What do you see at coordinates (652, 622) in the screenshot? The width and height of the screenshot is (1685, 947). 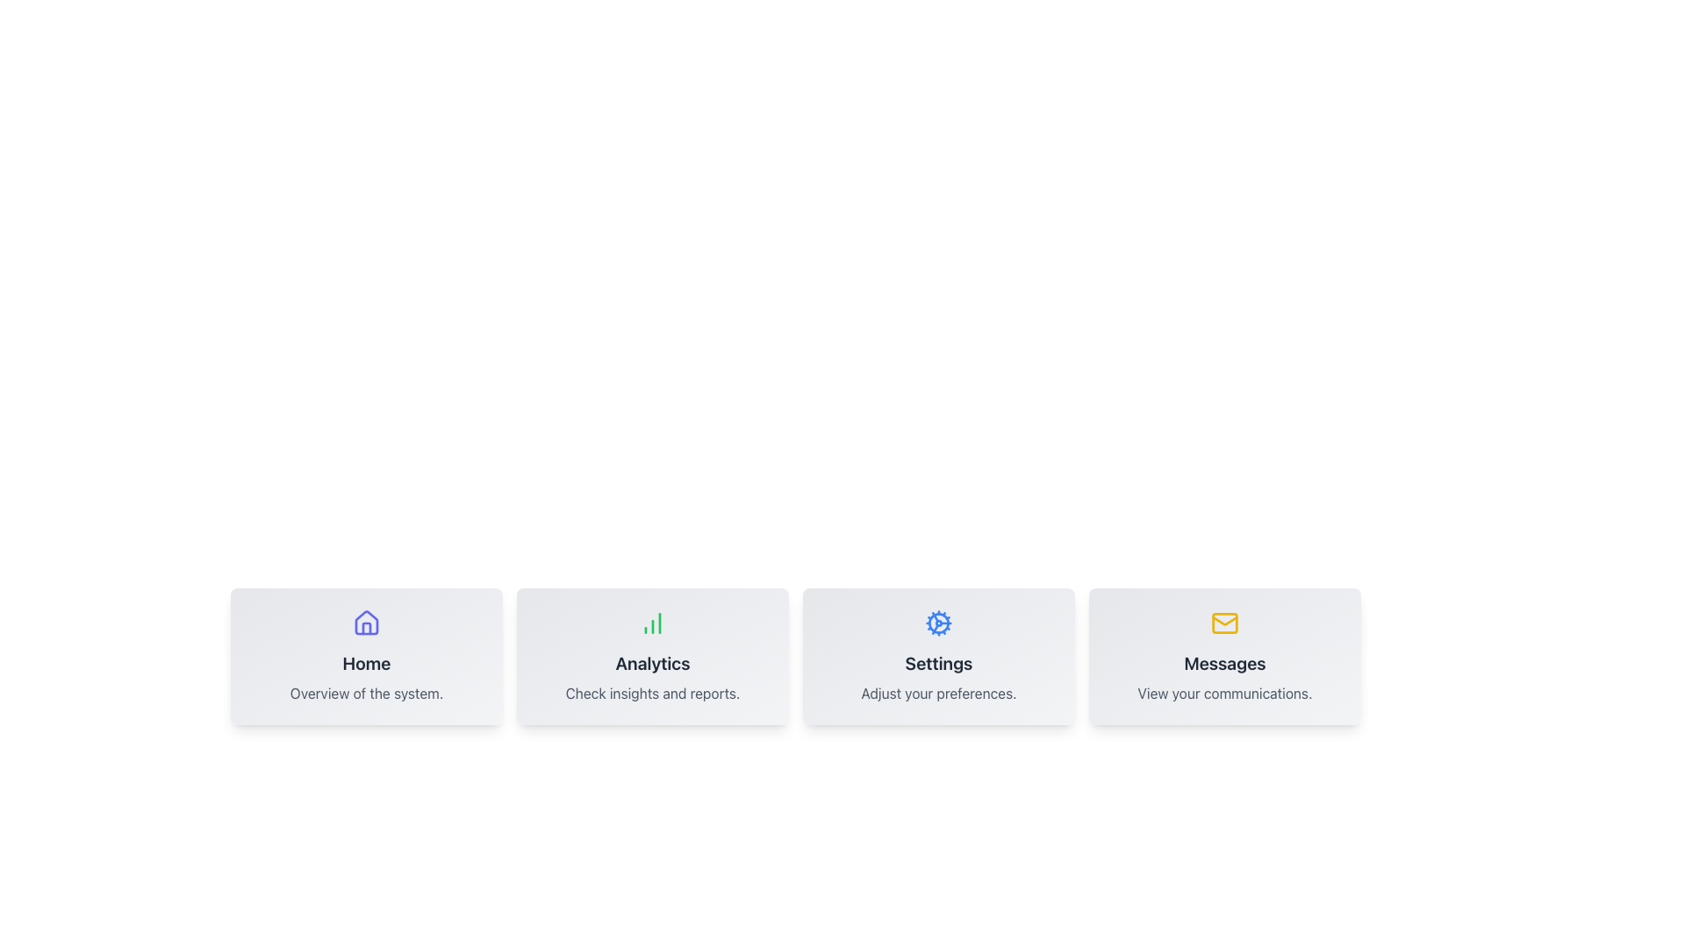 I see `the Graphical Icon representing analytics functionality located in the second card of four, above the 'Analytics' text` at bounding box center [652, 622].